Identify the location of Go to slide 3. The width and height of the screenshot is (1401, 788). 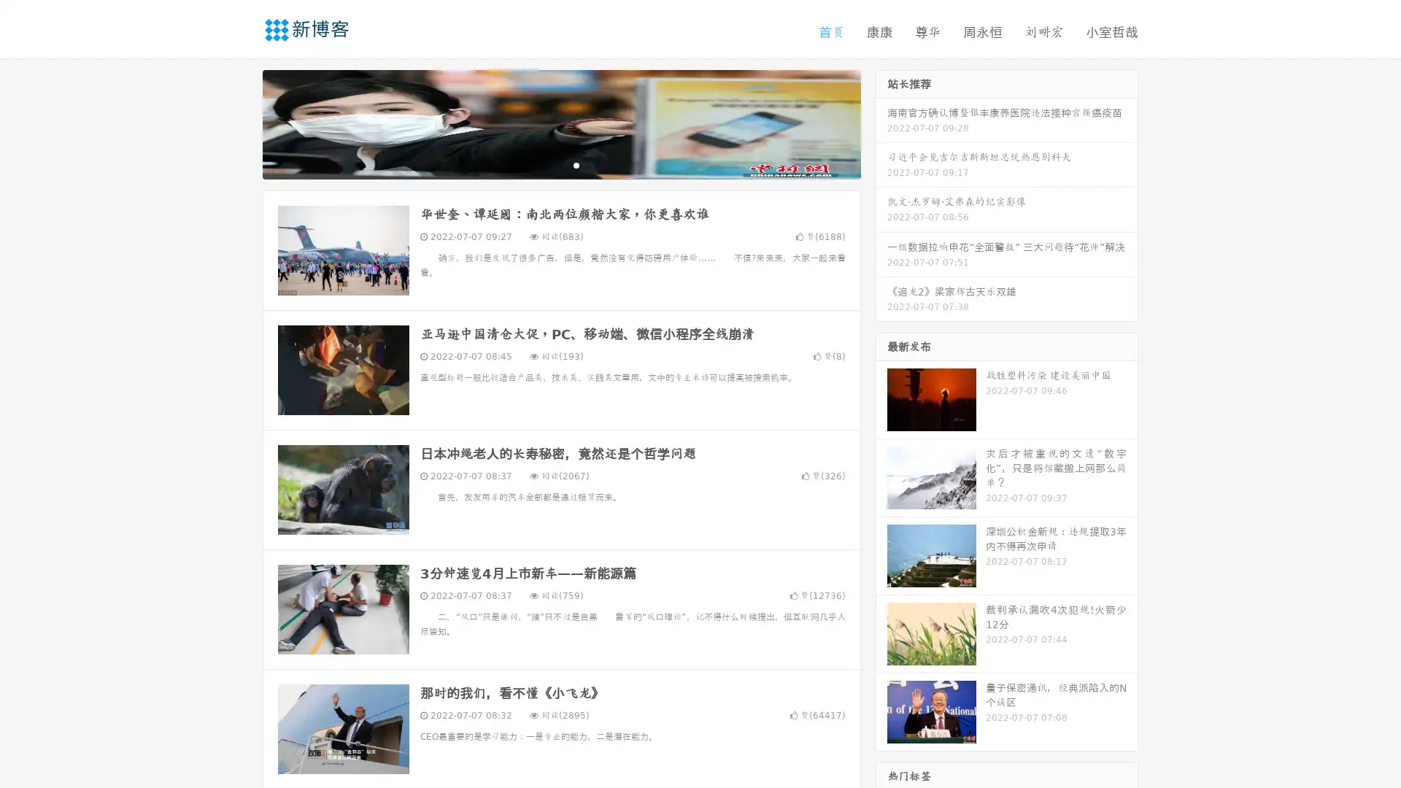
(576, 164).